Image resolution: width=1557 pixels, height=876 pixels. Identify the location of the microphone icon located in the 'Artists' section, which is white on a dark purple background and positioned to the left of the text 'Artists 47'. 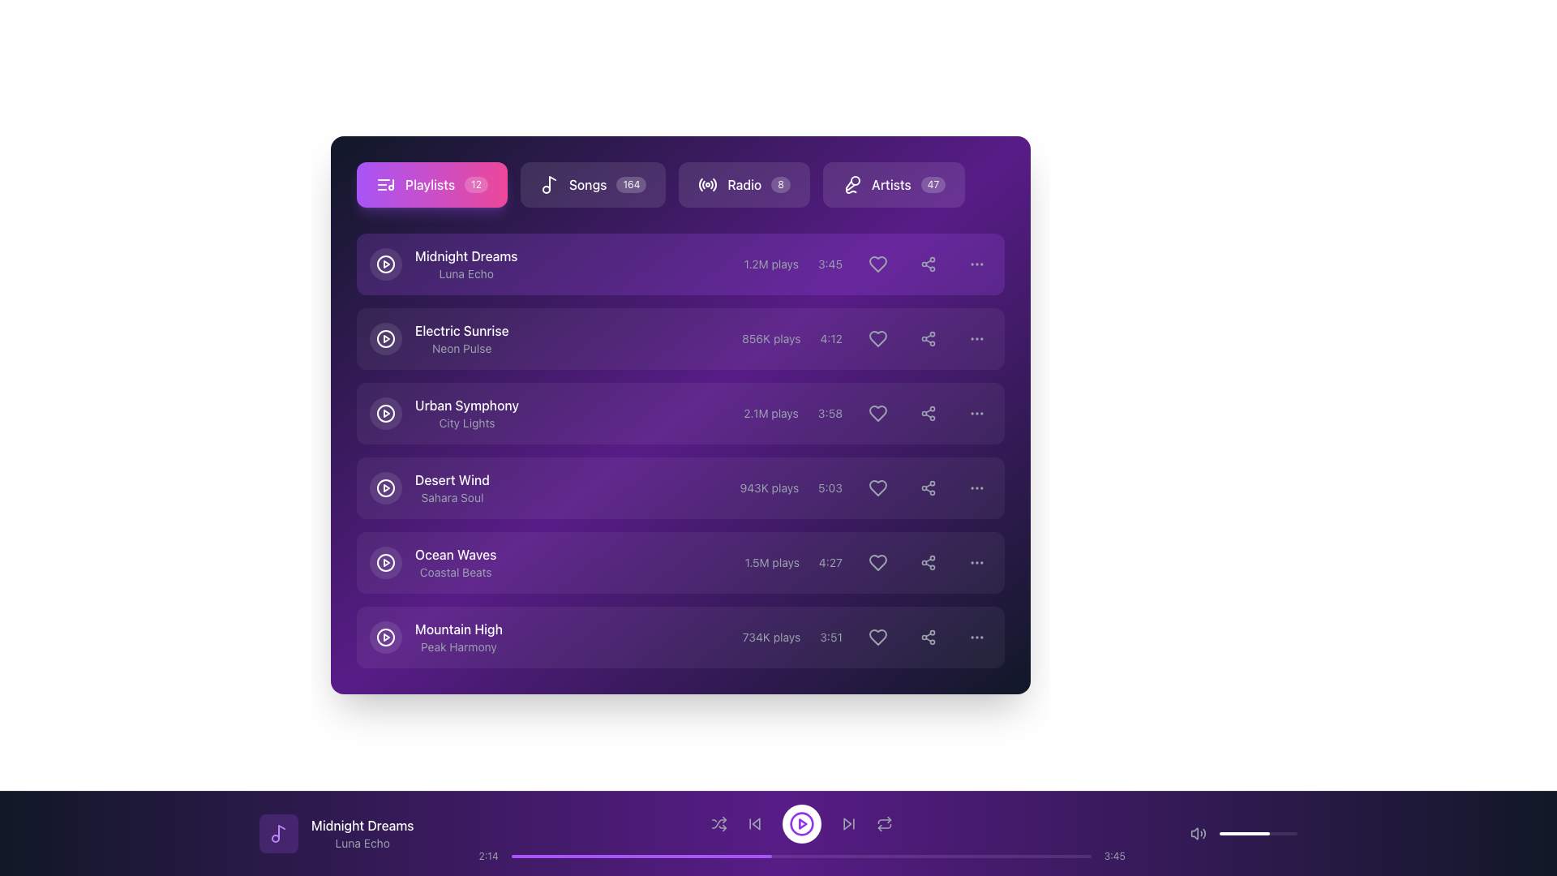
(851, 183).